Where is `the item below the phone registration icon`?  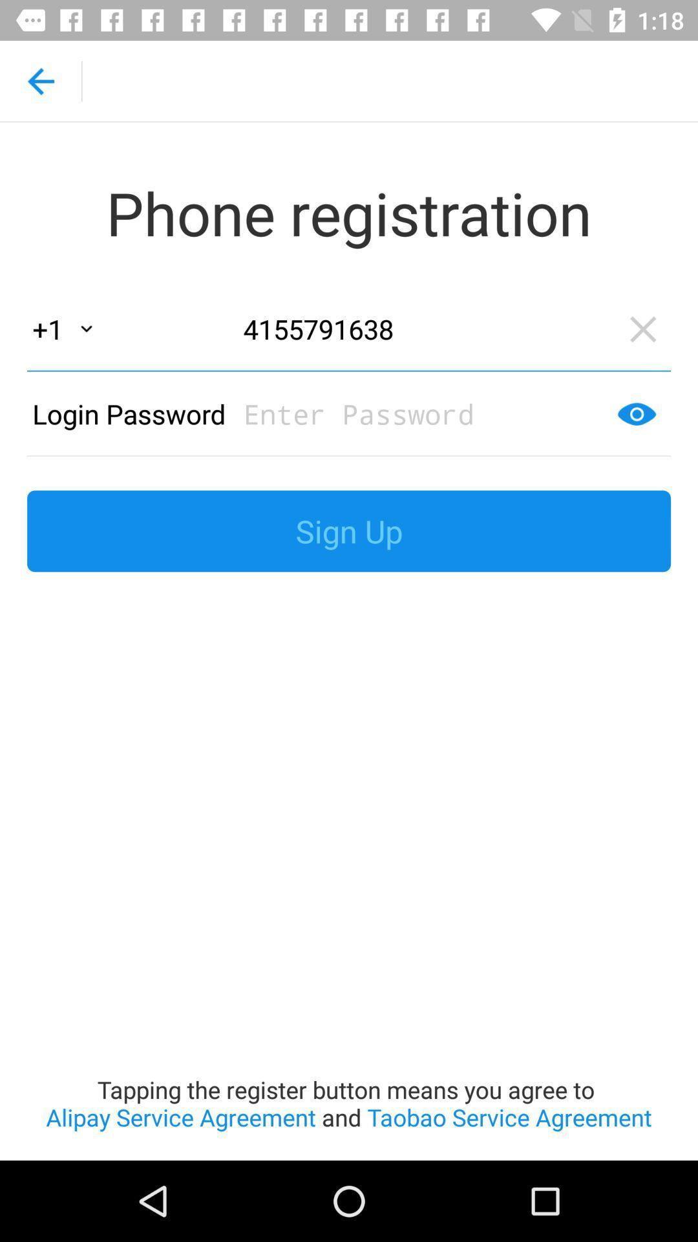 the item below the phone registration icon is located at coordinates (423, 329).